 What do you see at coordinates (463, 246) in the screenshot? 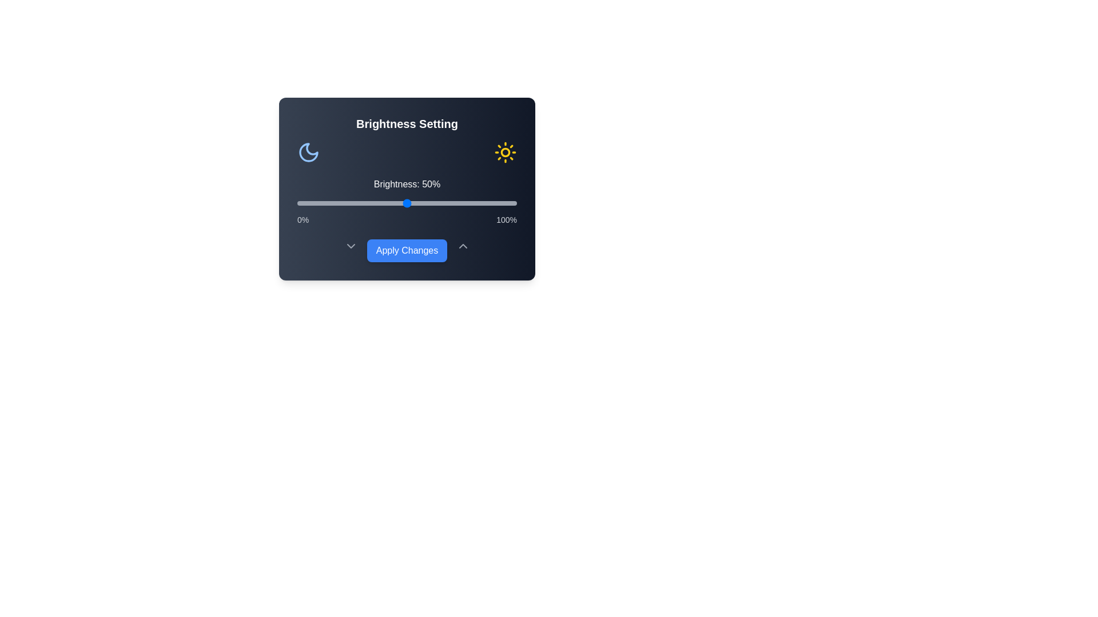
I see `the ChevronUp icon to reveal additional controls` at bounding box center [463, 246].